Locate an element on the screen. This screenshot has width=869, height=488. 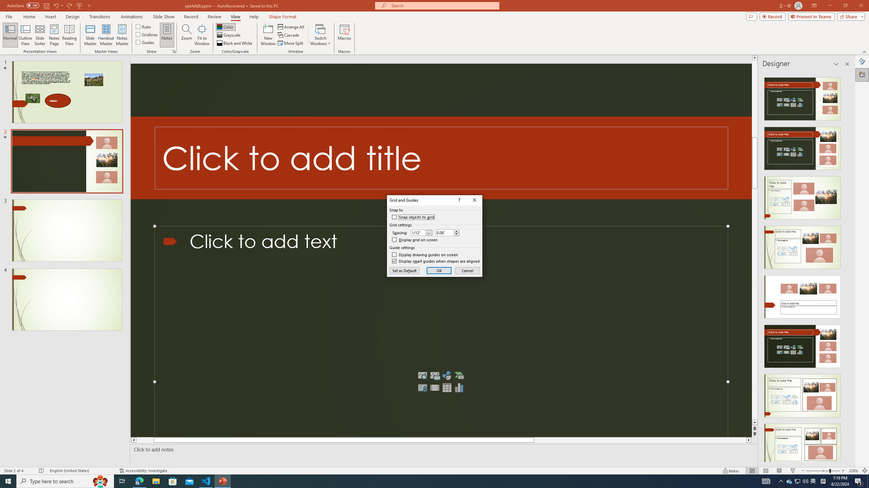
'Microsoft Edge - 1 running window' is located at coordinates (139, 481).